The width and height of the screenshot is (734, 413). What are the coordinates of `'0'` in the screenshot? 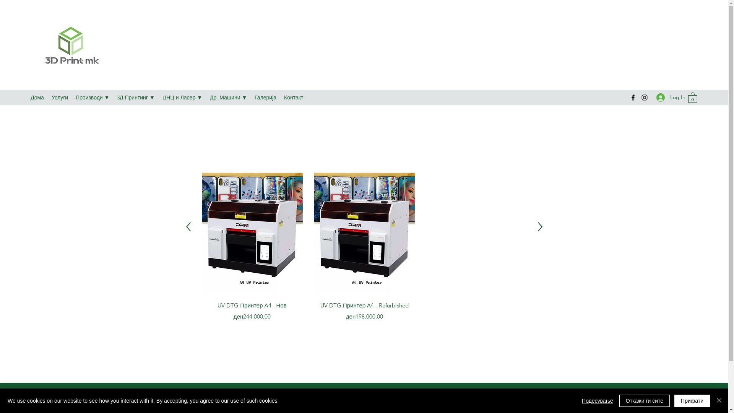 It's located at (692, 97).